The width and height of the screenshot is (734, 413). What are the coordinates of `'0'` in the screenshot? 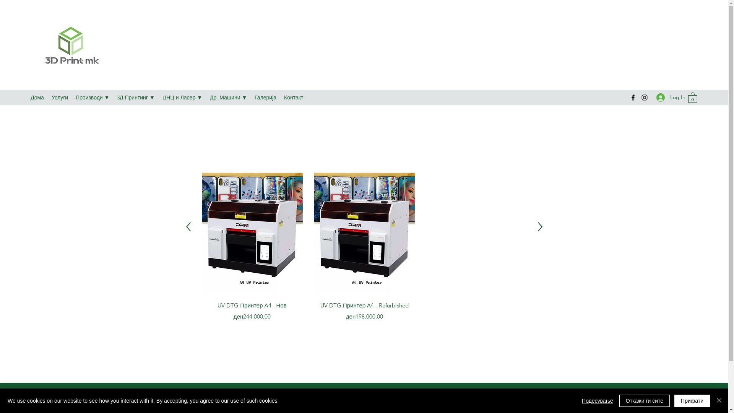 It's located at (692, 97).